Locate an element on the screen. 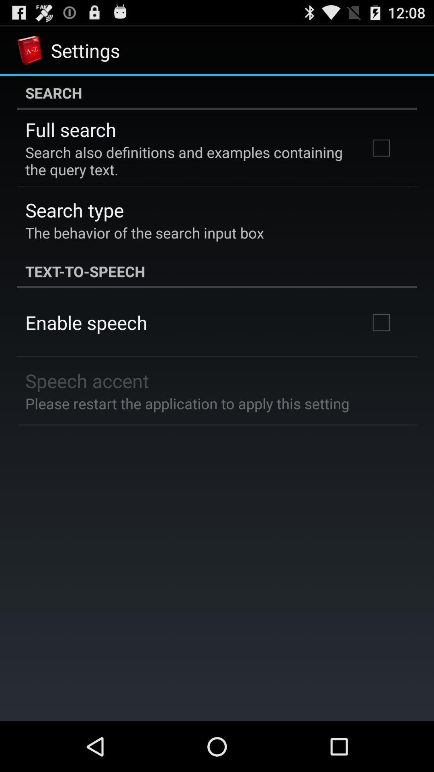 The height and width of the screenshot is (772, 434). item above the text-to-speech icon is located at coordinates (144, 232).